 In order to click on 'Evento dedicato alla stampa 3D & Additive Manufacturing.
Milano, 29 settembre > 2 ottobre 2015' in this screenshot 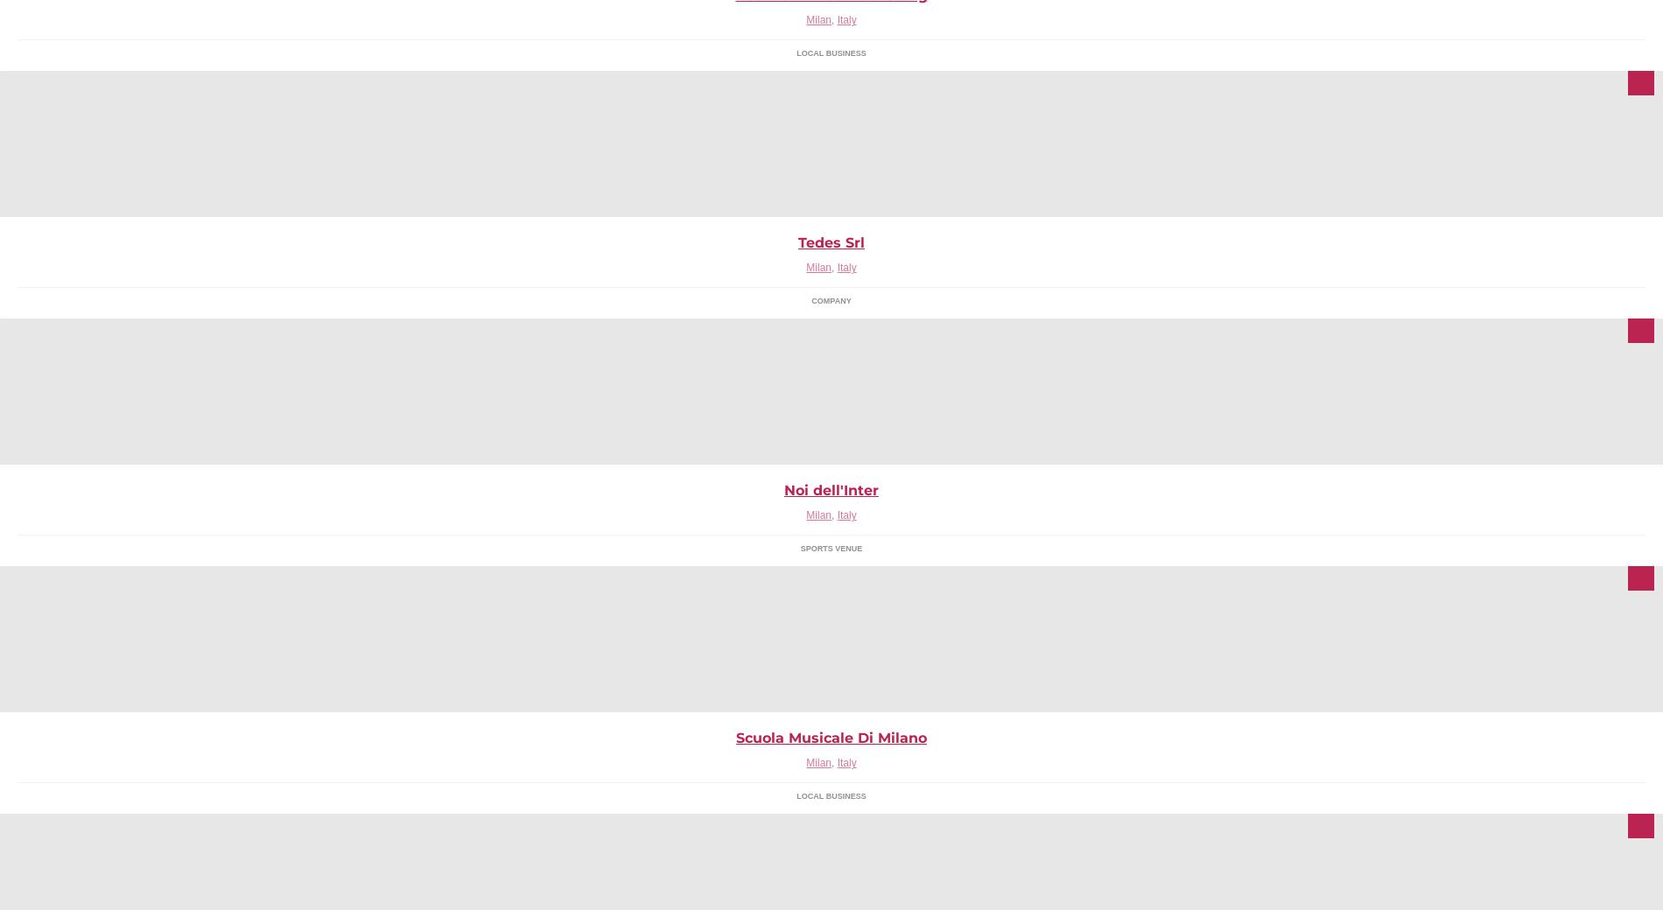, I will do `click(259, 437)`.